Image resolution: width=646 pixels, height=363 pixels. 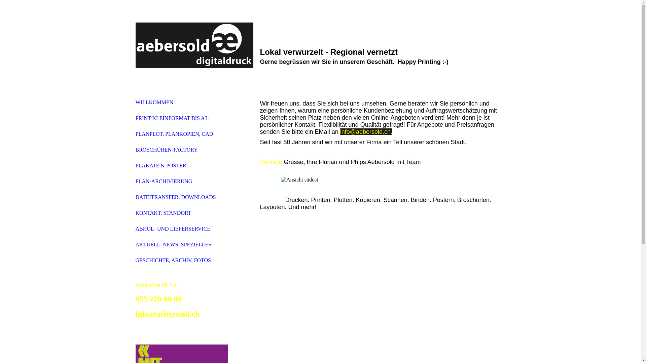 I want to click on 'WILLKOMMEN', so click(x=154, y=102).